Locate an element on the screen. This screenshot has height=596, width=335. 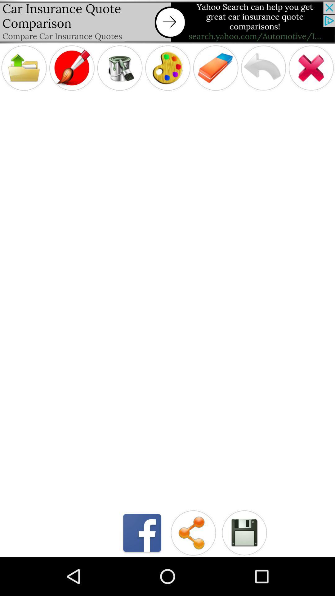
open file is located at coordinates (24, 68).